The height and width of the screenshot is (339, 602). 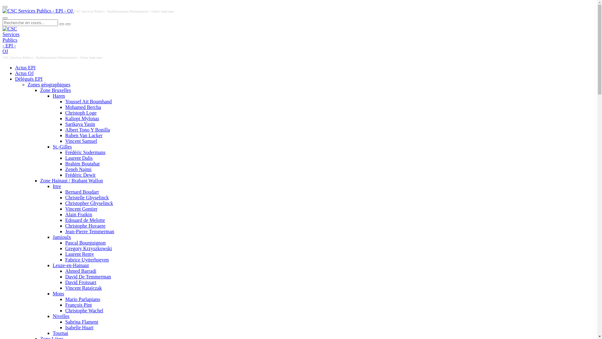 What do you see at coordinates (83, 288) in the screenshot?
I see `'Vincent Ratajczak'` at bounding box center [83, 288].